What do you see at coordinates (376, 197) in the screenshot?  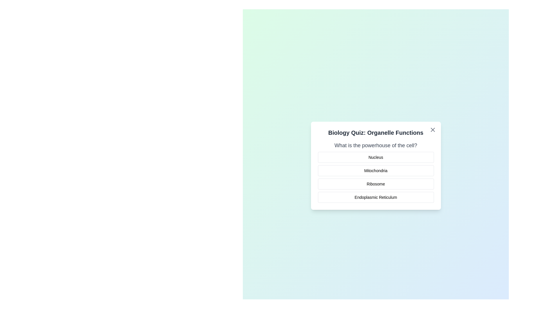 I see `the answer option Endoplasmic Reticulum to select it` at bounding box center [376, 197].